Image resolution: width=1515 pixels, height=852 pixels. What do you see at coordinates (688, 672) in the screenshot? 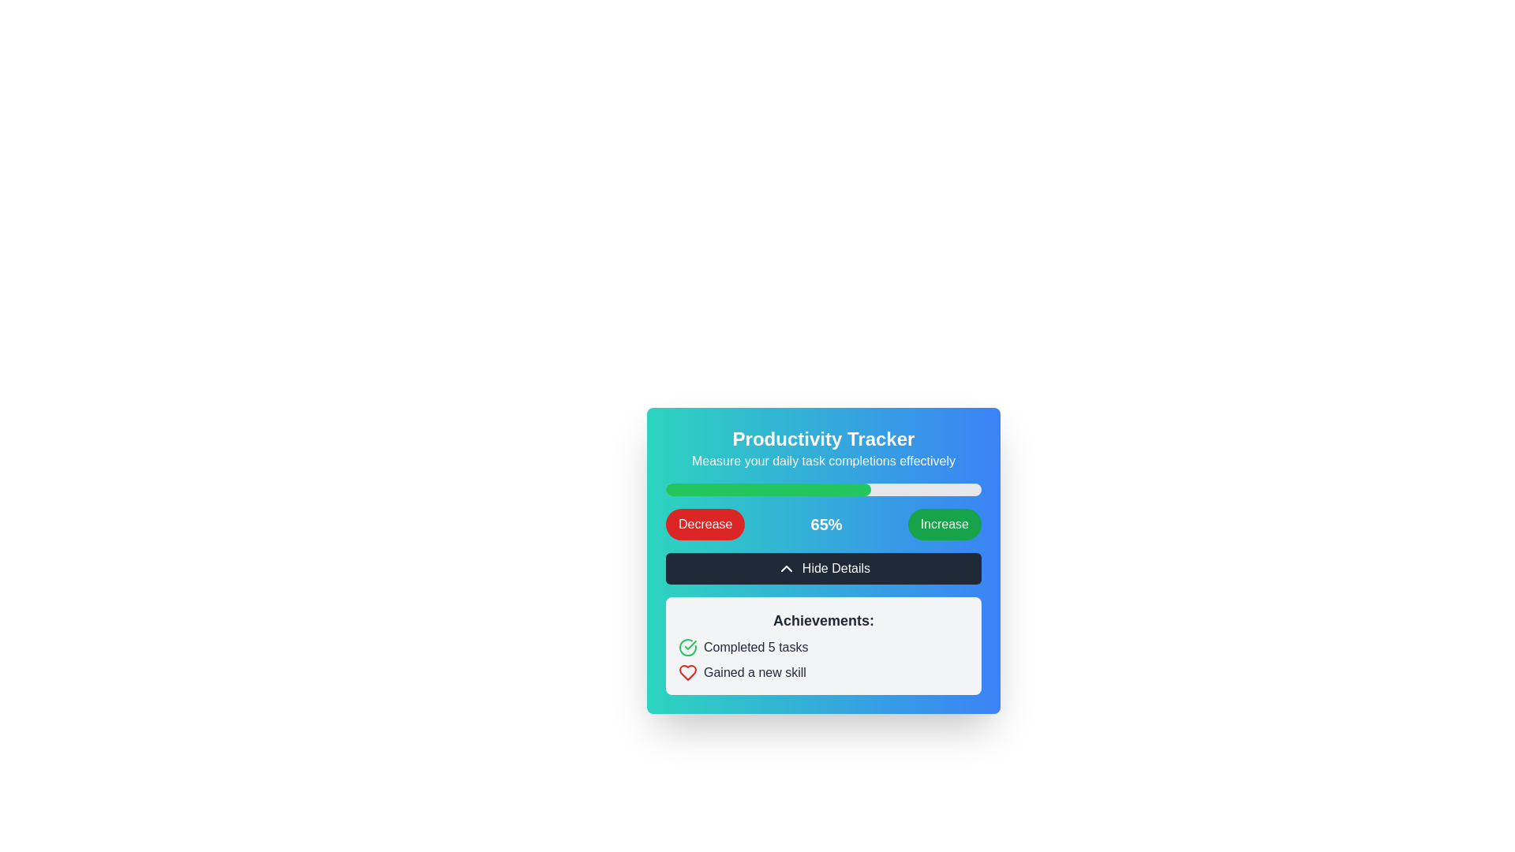
I see `icon indicating achievement for gaining a new skill located to the left of the text 'Gained a new skill' in the 'Achievements' section below the 'Productivity Tracker' header` at bounding box center [688, 672].